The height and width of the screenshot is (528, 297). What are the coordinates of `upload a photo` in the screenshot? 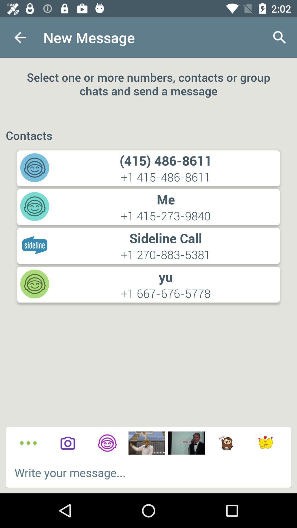 It's located at (67, 443).